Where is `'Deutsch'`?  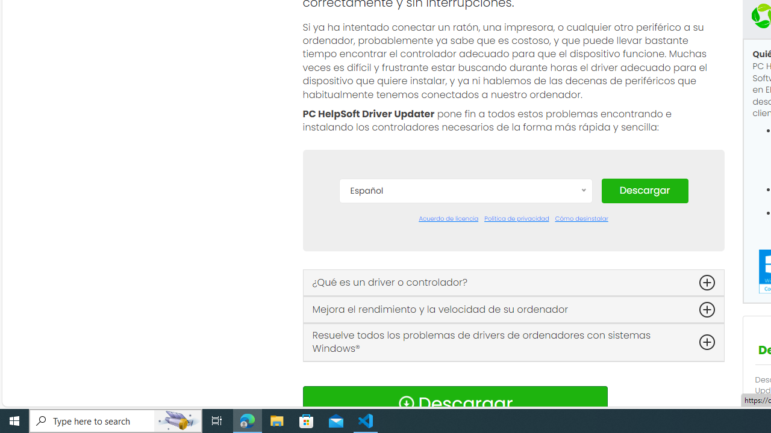
'Deutsch' is located at coordinates (464, 284).